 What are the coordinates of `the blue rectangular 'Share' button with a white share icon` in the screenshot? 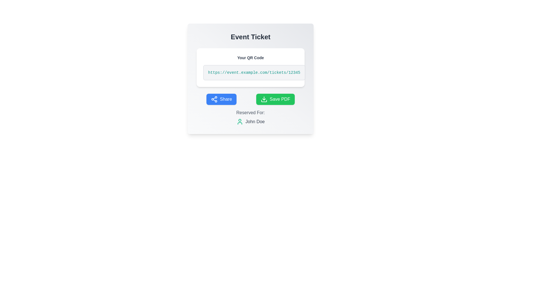 It's located at (221, 99).